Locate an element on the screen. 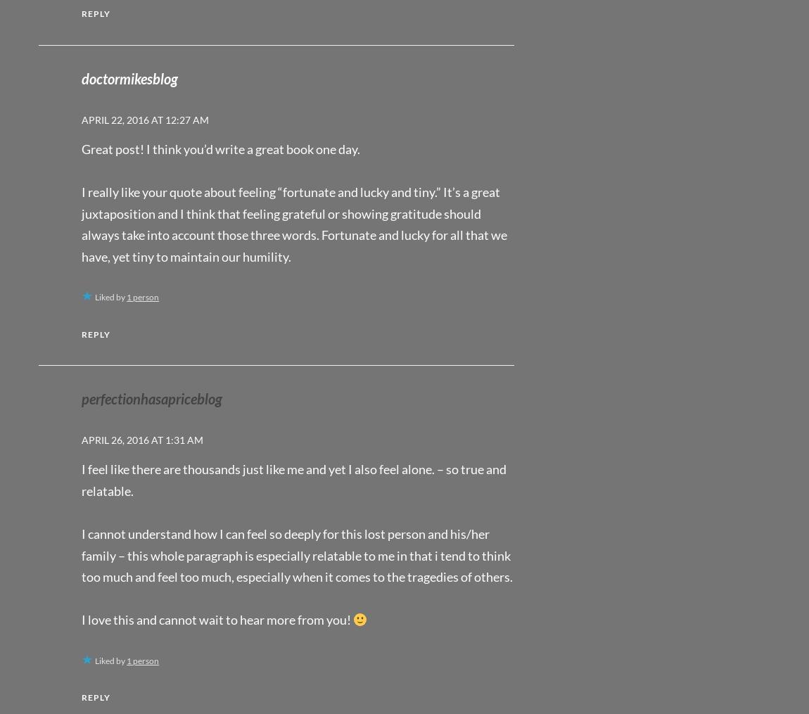  'I cannot understand how I can feel so deeply for this lost person and his/her family – this whole paragraph is especially relatable to me in that i tend to think too much and feel too much, especially when it comes to the tragedies of others.' is located at coordinates (297, 554).